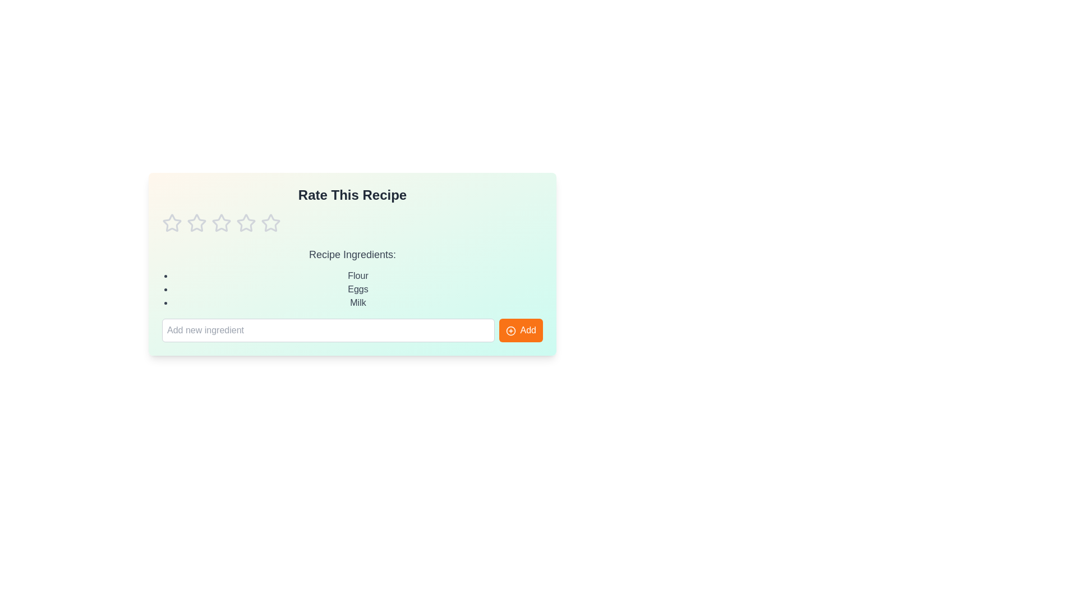 The image size is (1077, 606). What do you see at coordinates (520, 330) in the screenshot?
I see `the 'Add' button to add the entered ingredient to the list` at bounding box center [520, 330].